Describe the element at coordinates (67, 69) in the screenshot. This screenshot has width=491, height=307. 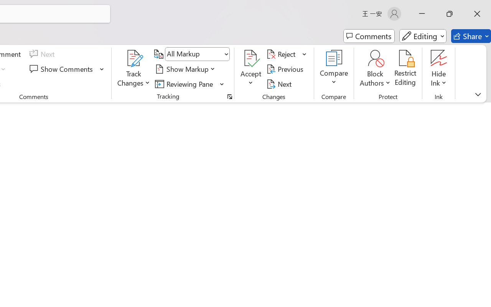
I see `'Show Comments'` at that location.